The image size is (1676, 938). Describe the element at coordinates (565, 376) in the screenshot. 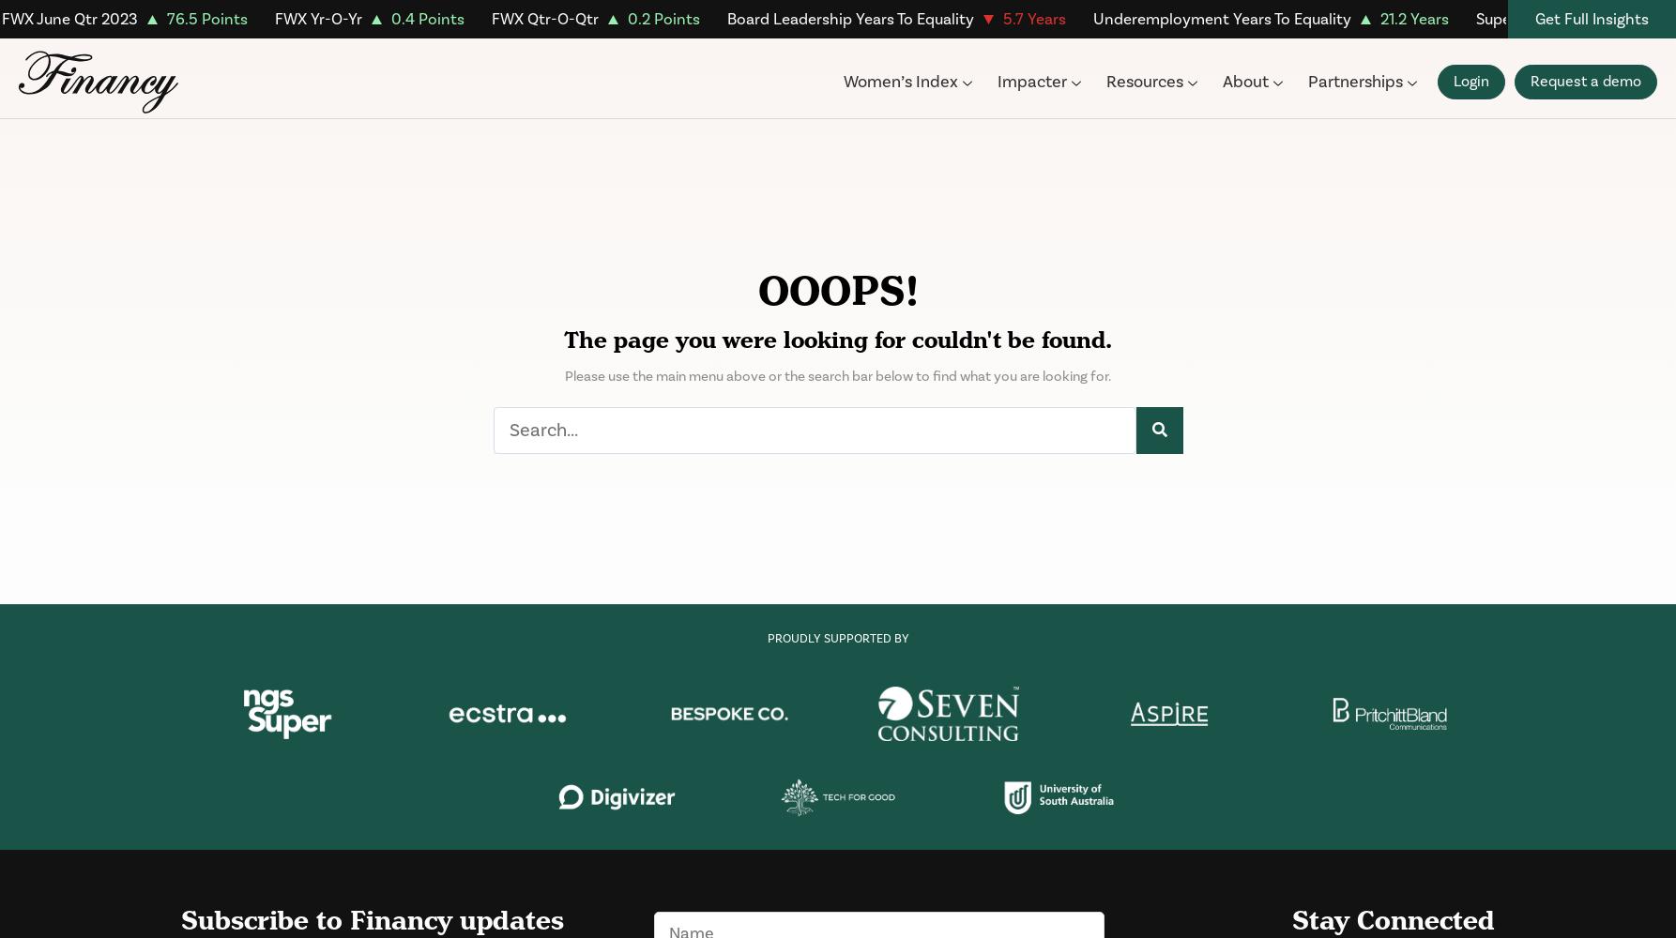

I see `'Please use the main menu above or the search bar below to find what you are looking for.'` at that location.